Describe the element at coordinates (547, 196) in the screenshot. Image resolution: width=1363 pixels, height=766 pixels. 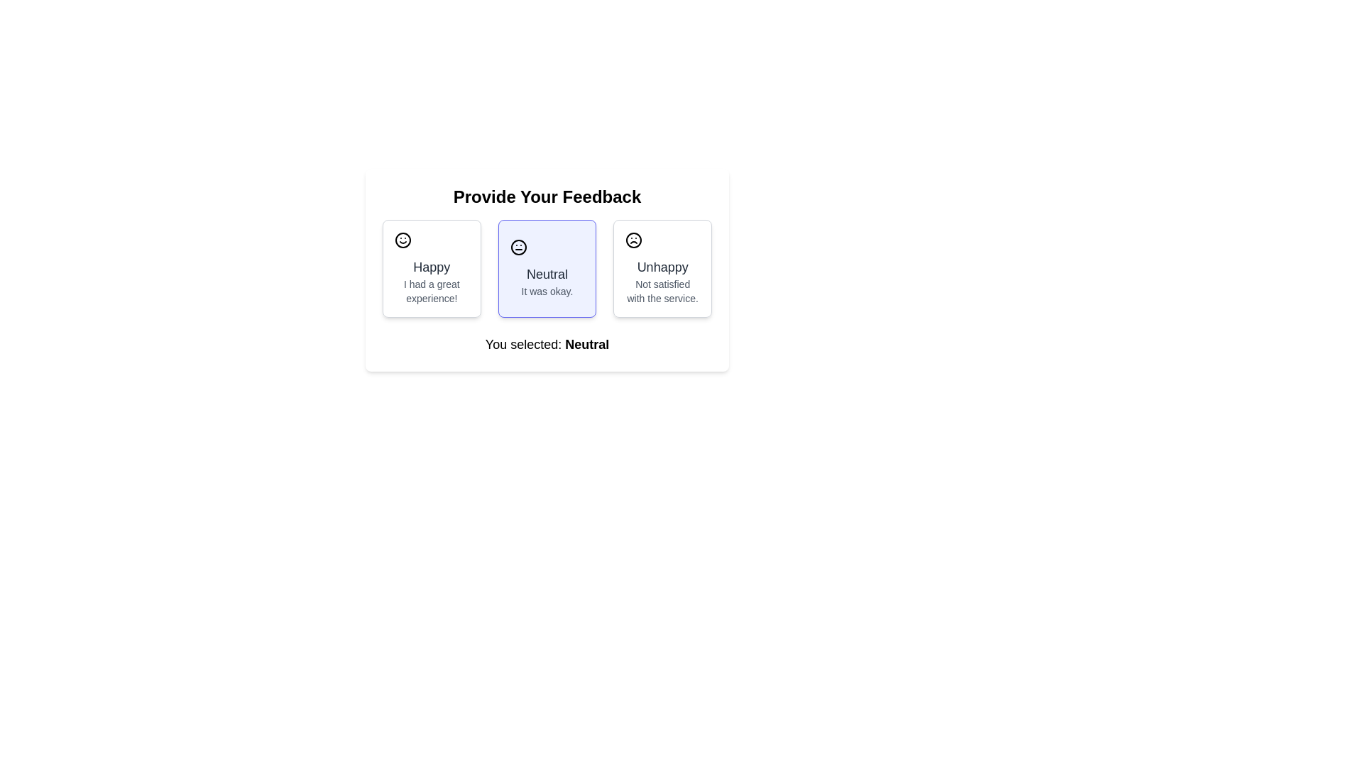
I see `header title 'Provide Your Feedback' located at the top of the feedback section, which is prominently styled in bold and large font` at that location.